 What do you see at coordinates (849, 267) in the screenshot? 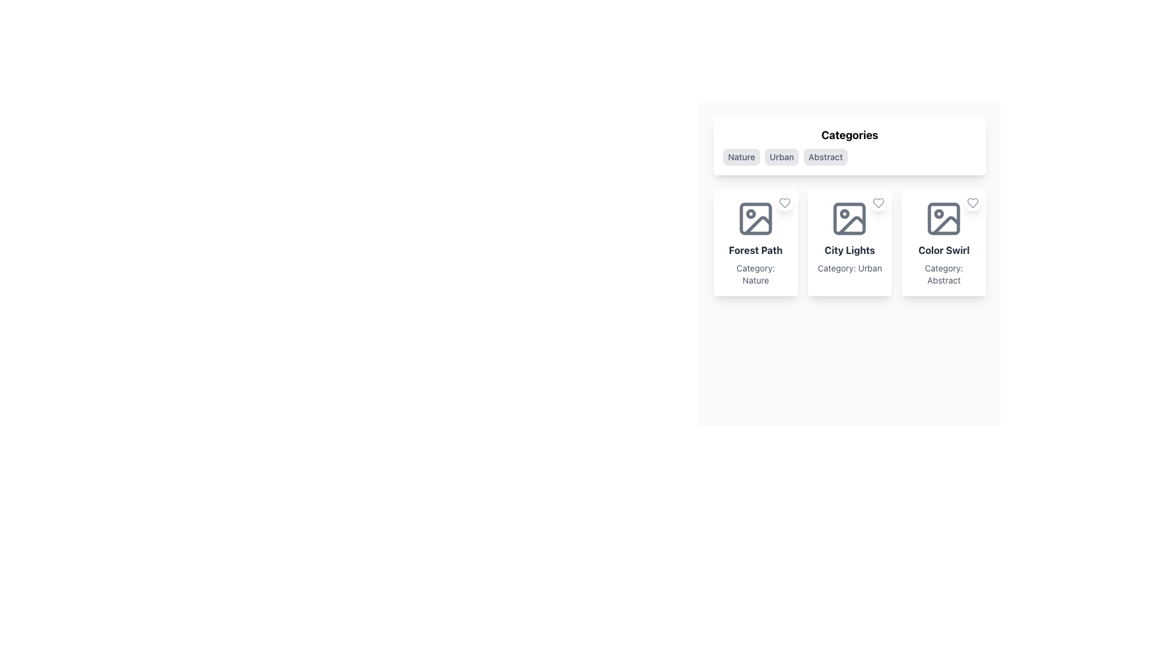
I see `the text element that indicates the category 'Urban' for the 'City Lights' item, which is positioned below the 'City Lights' title in the card` at bounding box center [849, 267].